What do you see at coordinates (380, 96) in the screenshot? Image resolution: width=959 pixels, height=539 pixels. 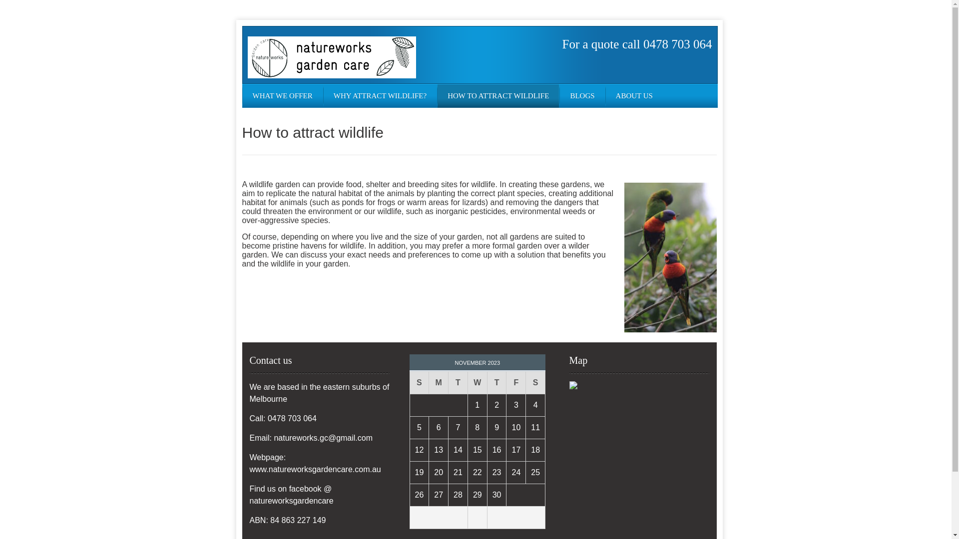 I see `'WHY ATTRACT WILDLIFE?'` at bounding box center [380, 96].